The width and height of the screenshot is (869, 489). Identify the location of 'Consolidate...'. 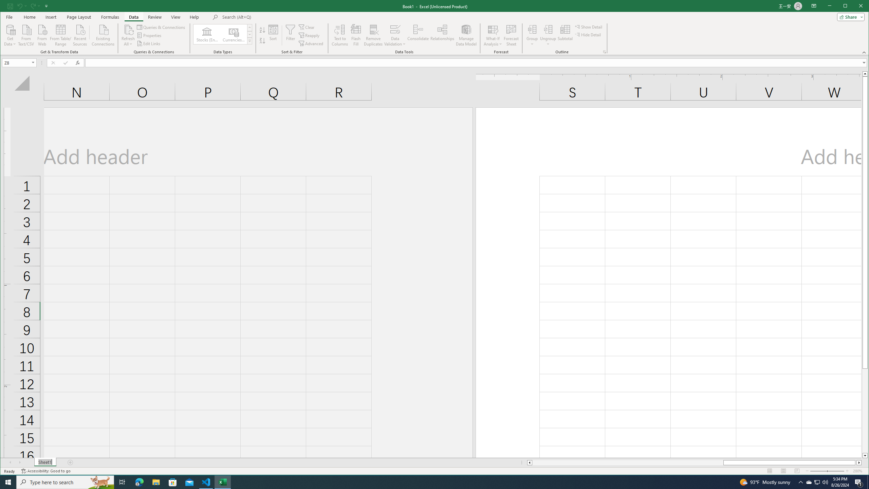
(418, 35).